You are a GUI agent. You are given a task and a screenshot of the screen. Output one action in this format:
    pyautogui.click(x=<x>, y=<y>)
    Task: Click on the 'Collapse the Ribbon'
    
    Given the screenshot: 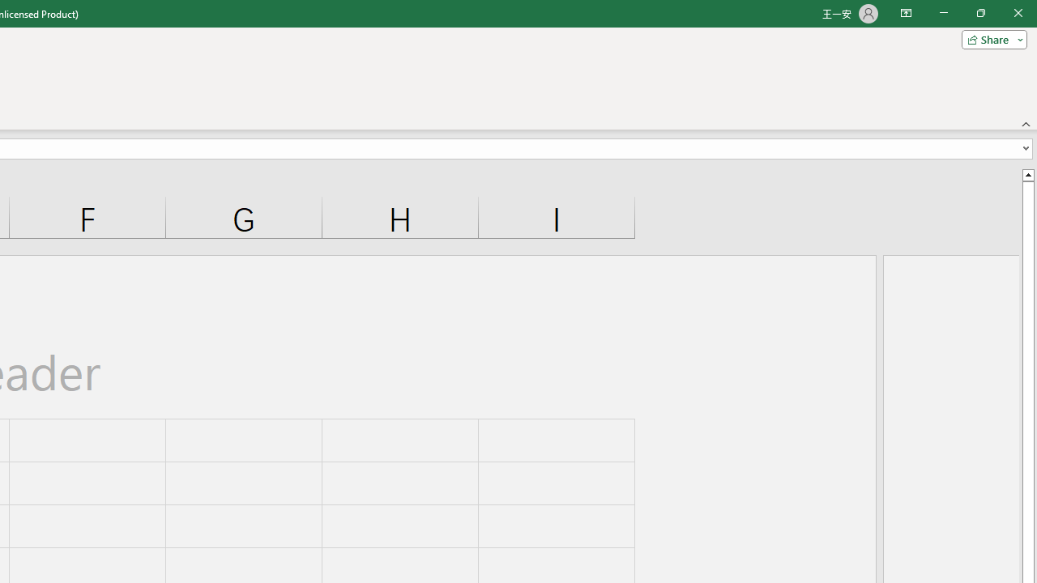 What is the action you would take?
    pyautogui.click(x=1026, y=123)
    